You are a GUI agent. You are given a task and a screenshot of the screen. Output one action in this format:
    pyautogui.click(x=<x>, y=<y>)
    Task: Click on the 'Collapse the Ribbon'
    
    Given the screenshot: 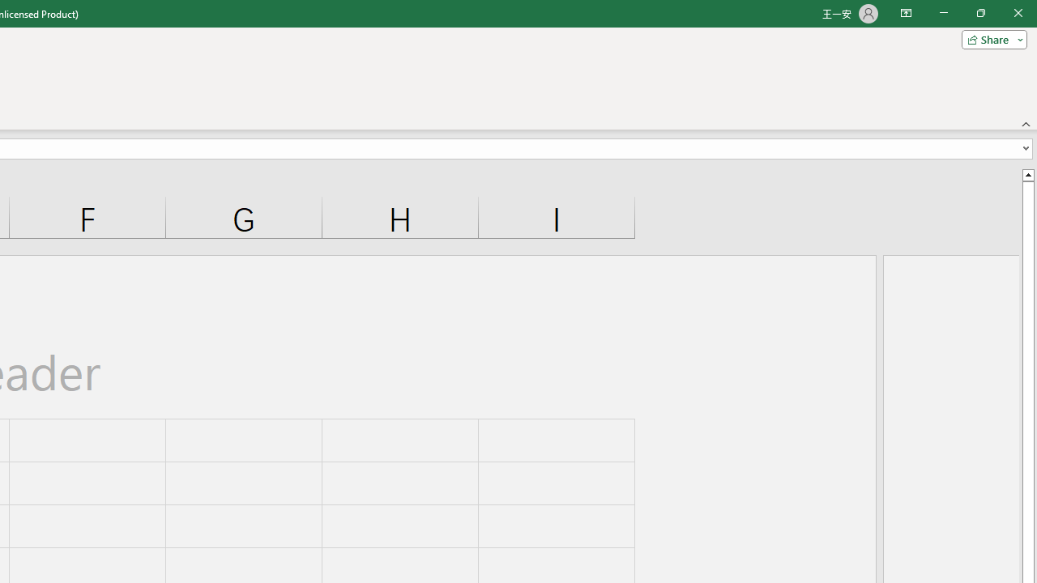 What is the action you would take?
    pyautogui.click(x=1026, y=123)
    